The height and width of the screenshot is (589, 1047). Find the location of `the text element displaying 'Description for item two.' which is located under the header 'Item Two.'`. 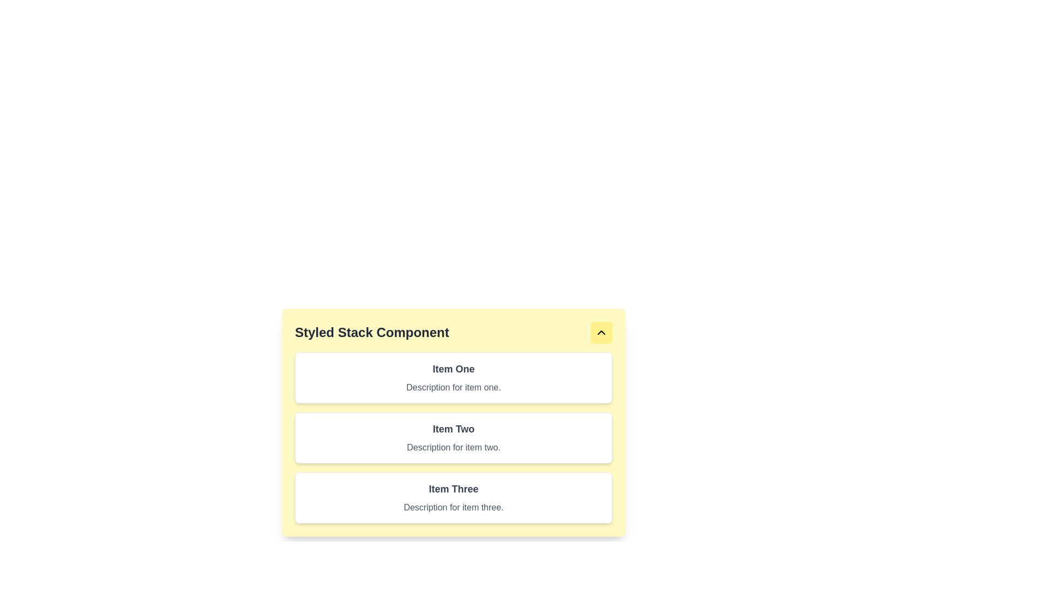

the text element displaying 'Description for item two.' which is located under the header 'Item Two.' is located at coordinates (453, 448).